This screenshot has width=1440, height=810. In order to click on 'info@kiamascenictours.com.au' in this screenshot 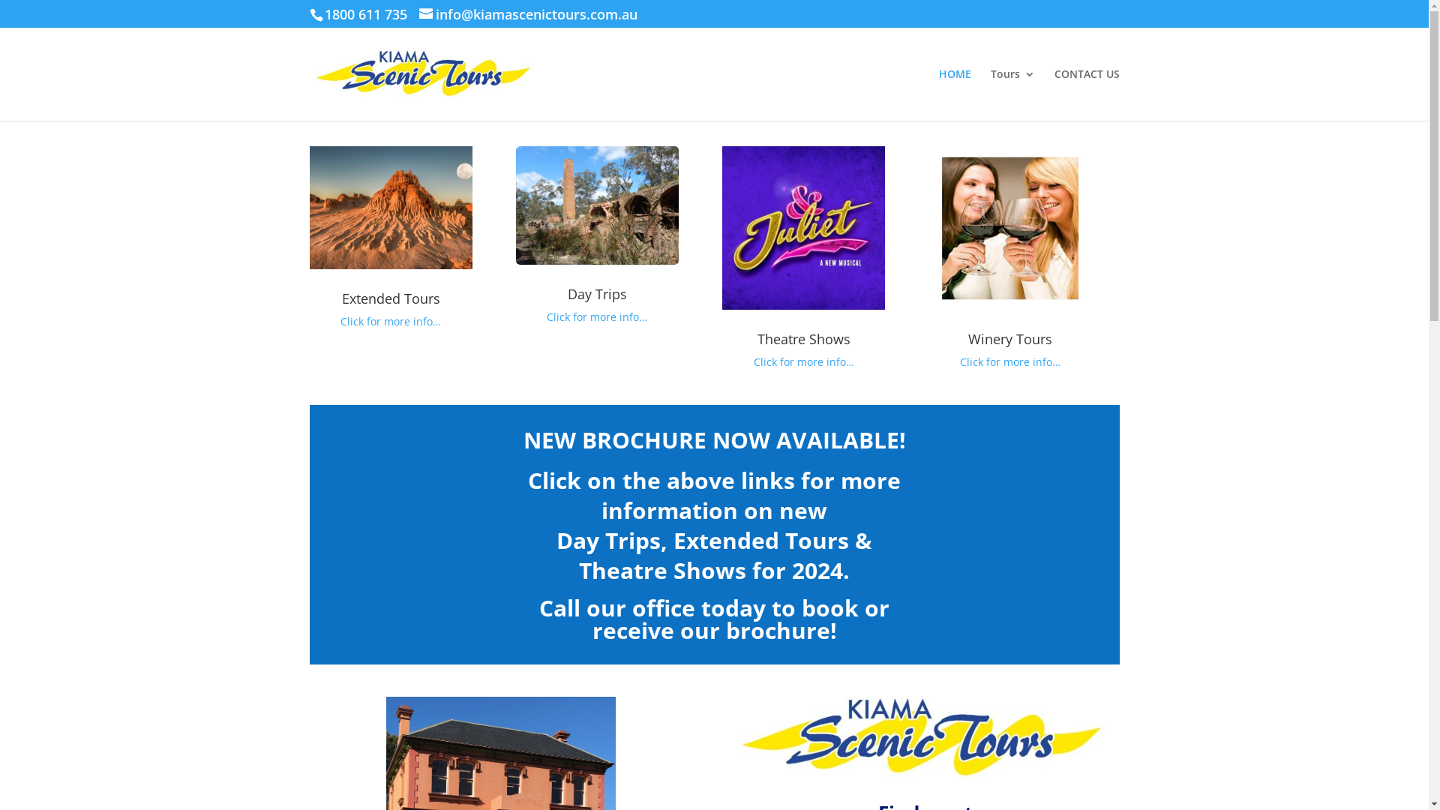, I will do `click(527, 16)`.